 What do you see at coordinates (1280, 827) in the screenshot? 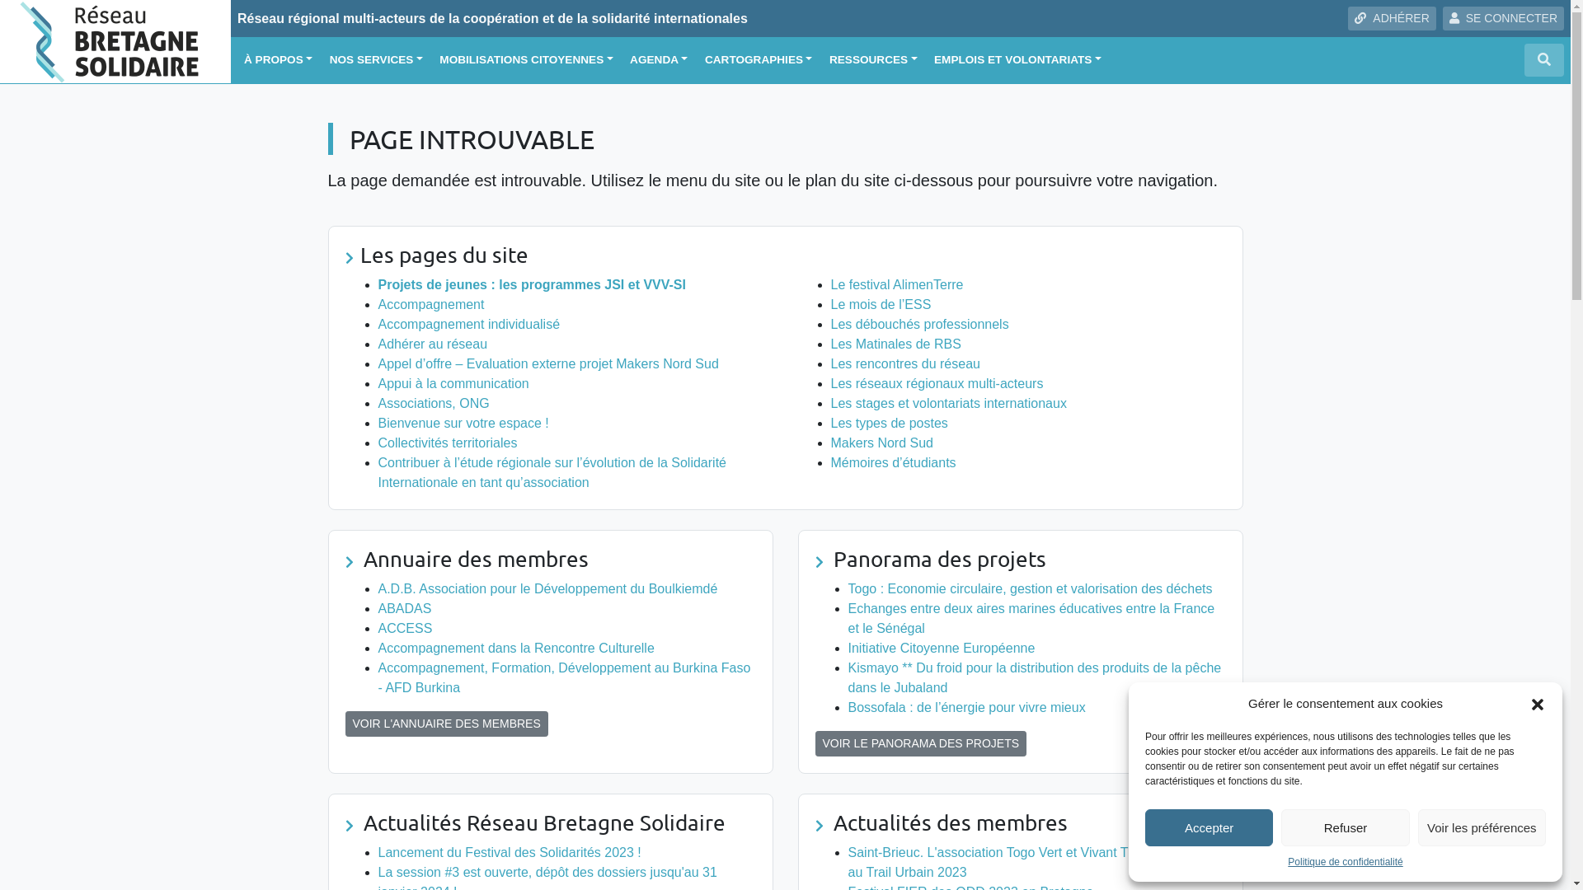
I see `'Refuser'` at bounding box center [1280, 827].